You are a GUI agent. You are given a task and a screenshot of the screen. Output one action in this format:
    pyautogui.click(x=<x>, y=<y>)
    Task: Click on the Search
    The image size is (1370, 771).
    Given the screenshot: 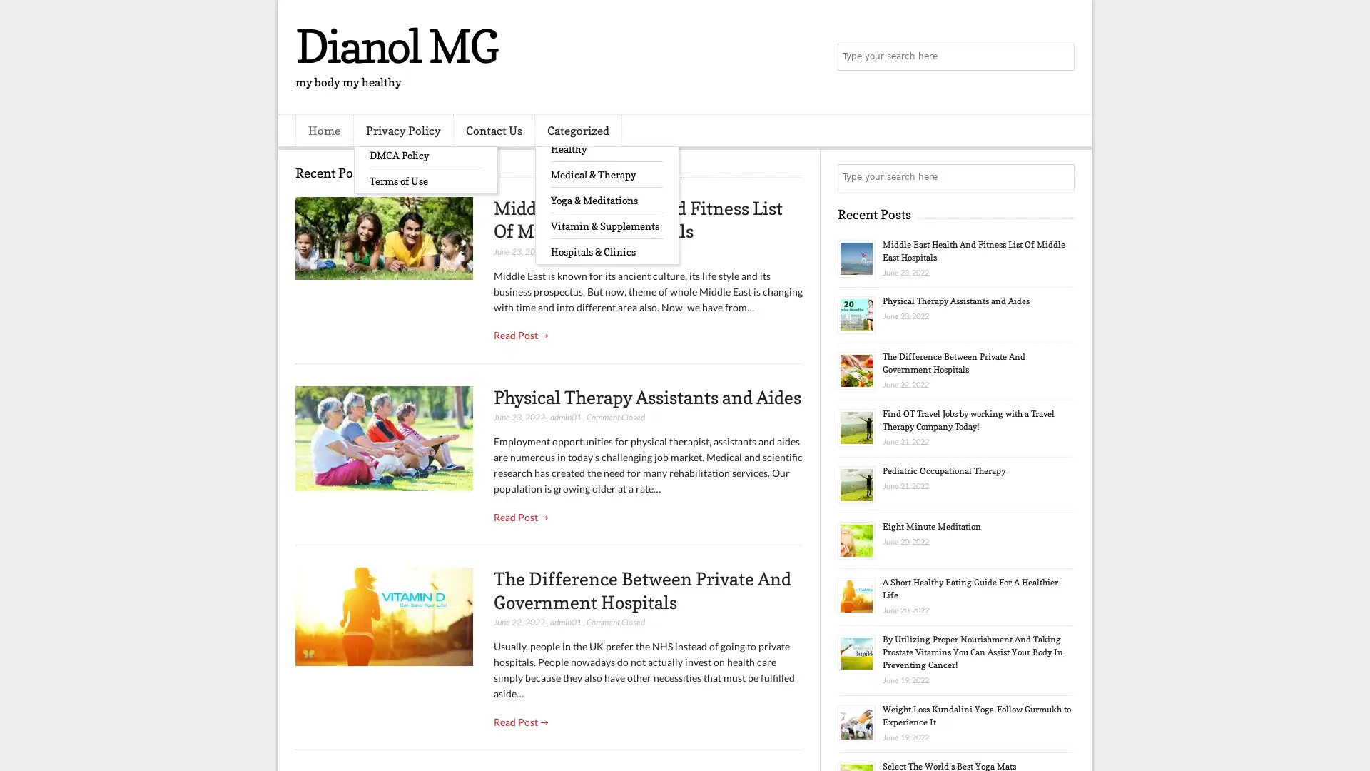 What is the action you would take?
    pyautogui.click(x=1060, y=177)
    